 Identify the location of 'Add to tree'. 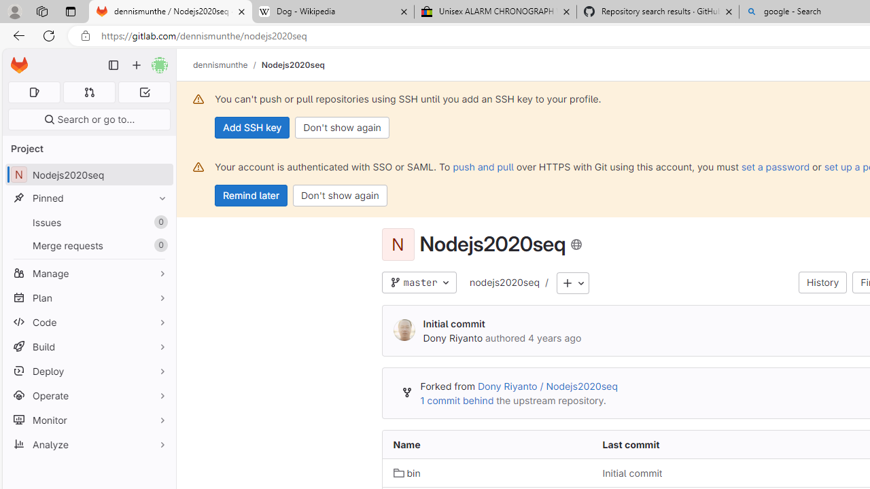
(573, 283).